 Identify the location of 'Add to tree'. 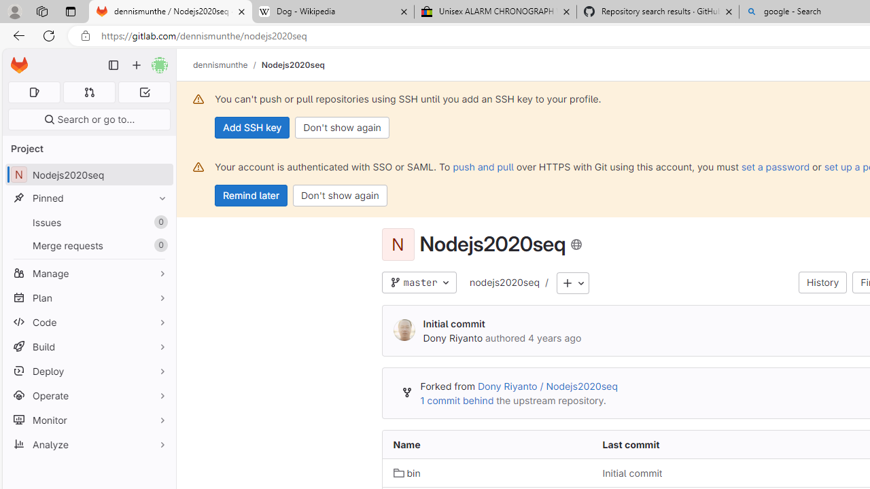
(573, 283).